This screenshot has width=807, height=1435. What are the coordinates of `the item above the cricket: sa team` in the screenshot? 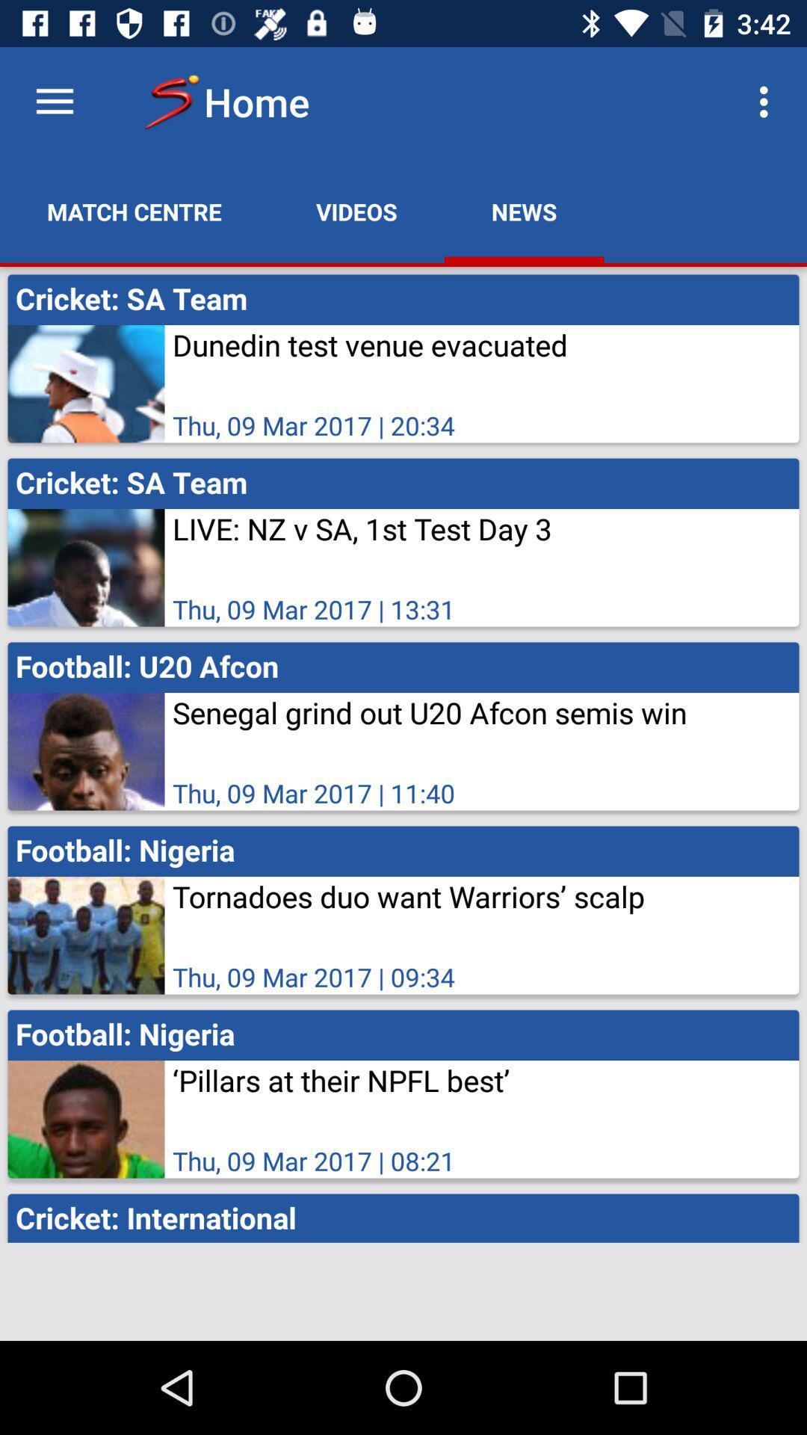 It's located at (356, 211).